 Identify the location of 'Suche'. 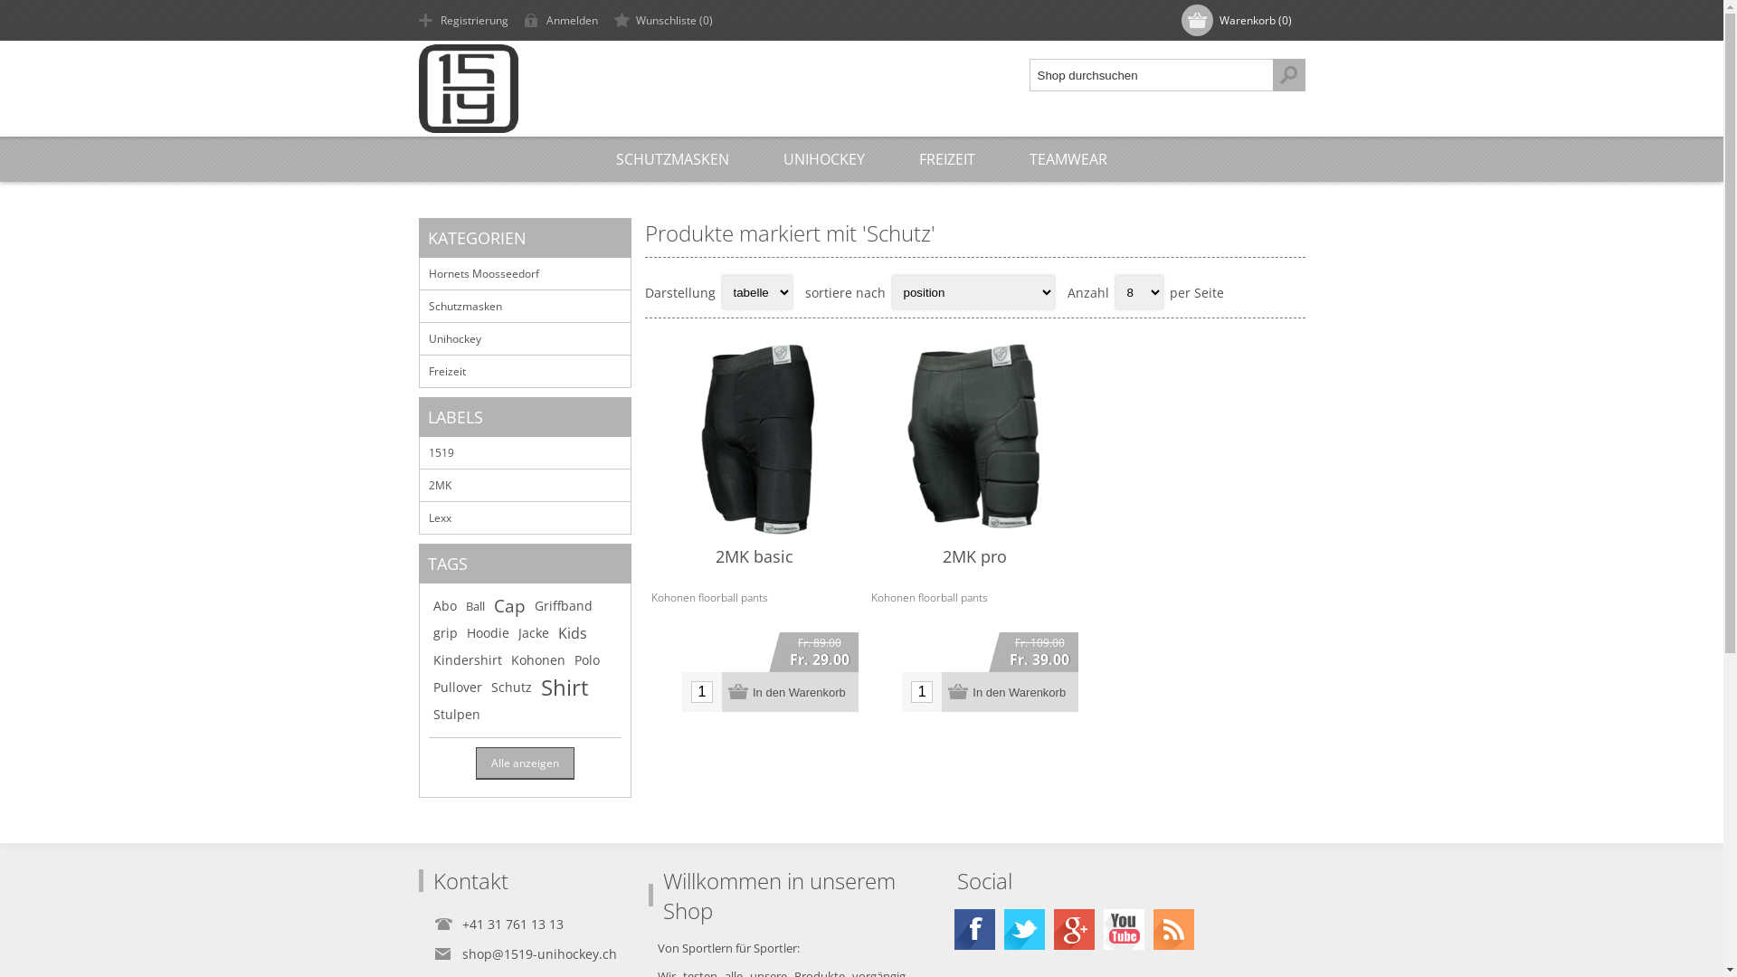
(1287, 74).